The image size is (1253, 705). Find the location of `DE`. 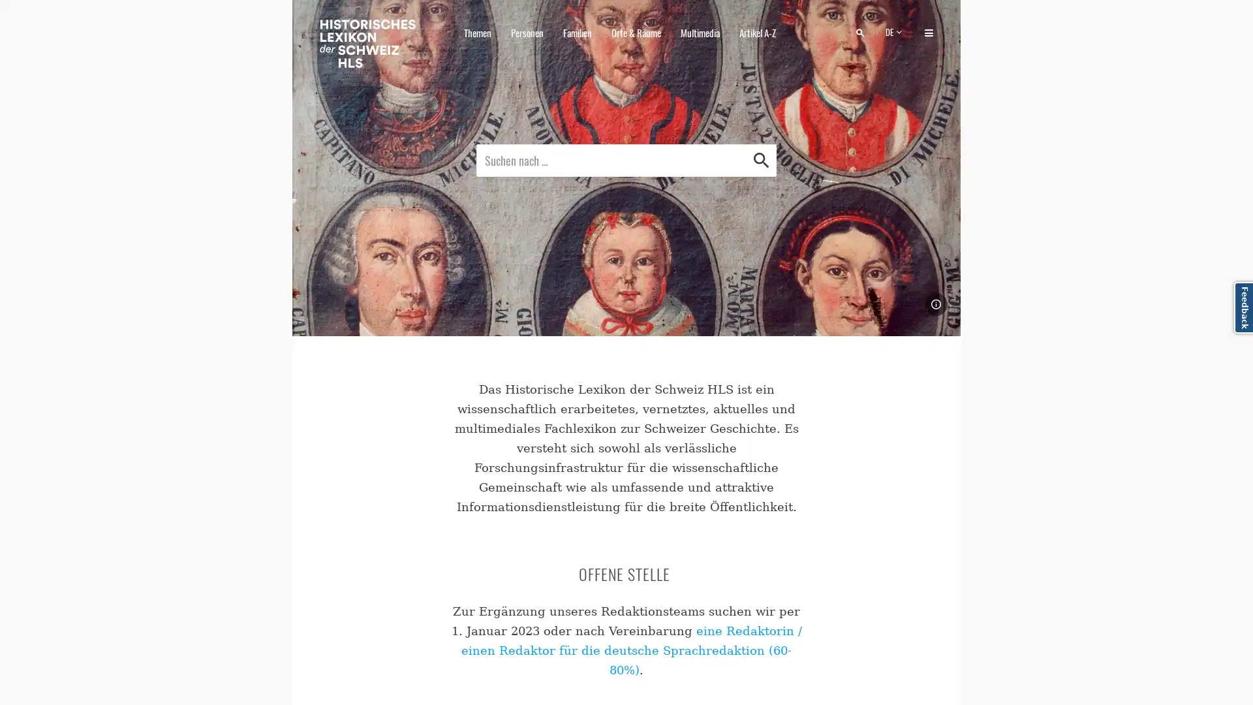

DE is located at coordinates (895, 31).